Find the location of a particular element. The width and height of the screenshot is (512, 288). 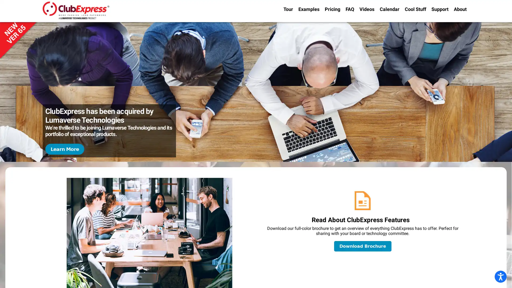

Open accessibility options, statement and help is located at coordinates (500, 276).